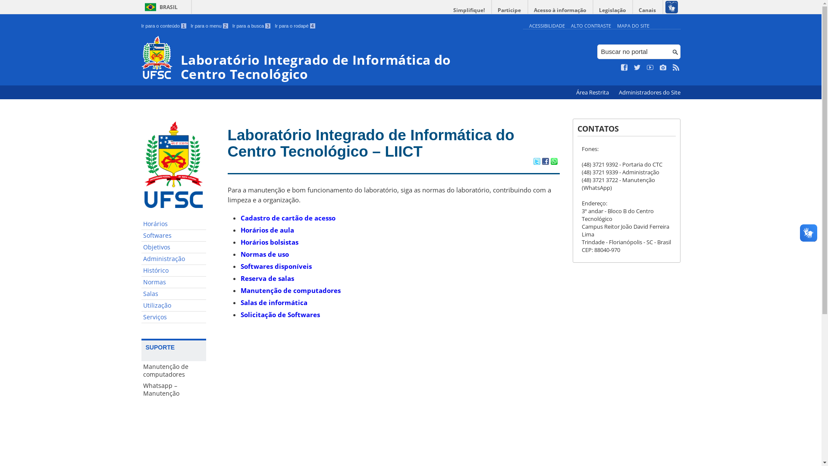  What do you see at coordinates (624, 67) in the screenshot?
I see `'Curta no Facebook'` at bounding box center [624, 67].